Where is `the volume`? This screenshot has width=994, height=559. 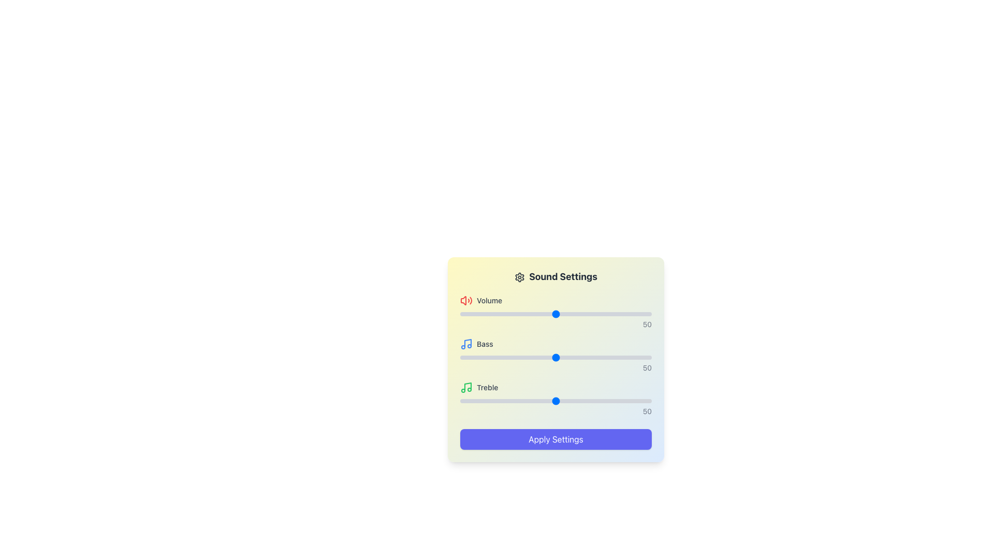 the volume is located at coordinates (559, 313).